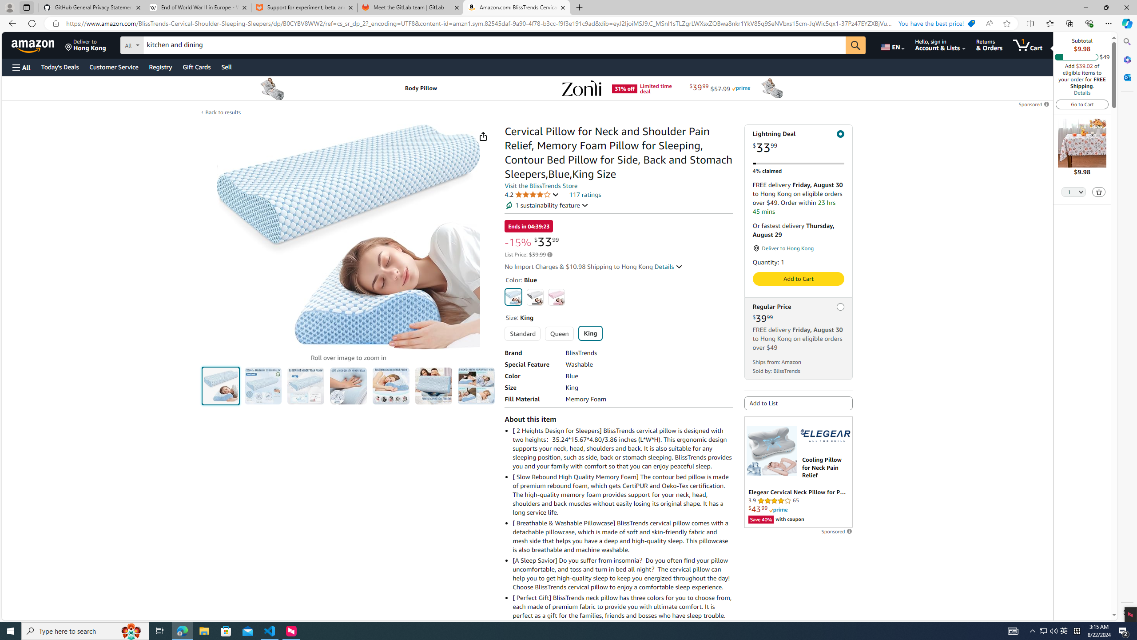  What do you see at coordinates (532, 194) in the screenshot?
I see `'4.2 4.2 out of 5 stars'` at bounding box center [532, 194].